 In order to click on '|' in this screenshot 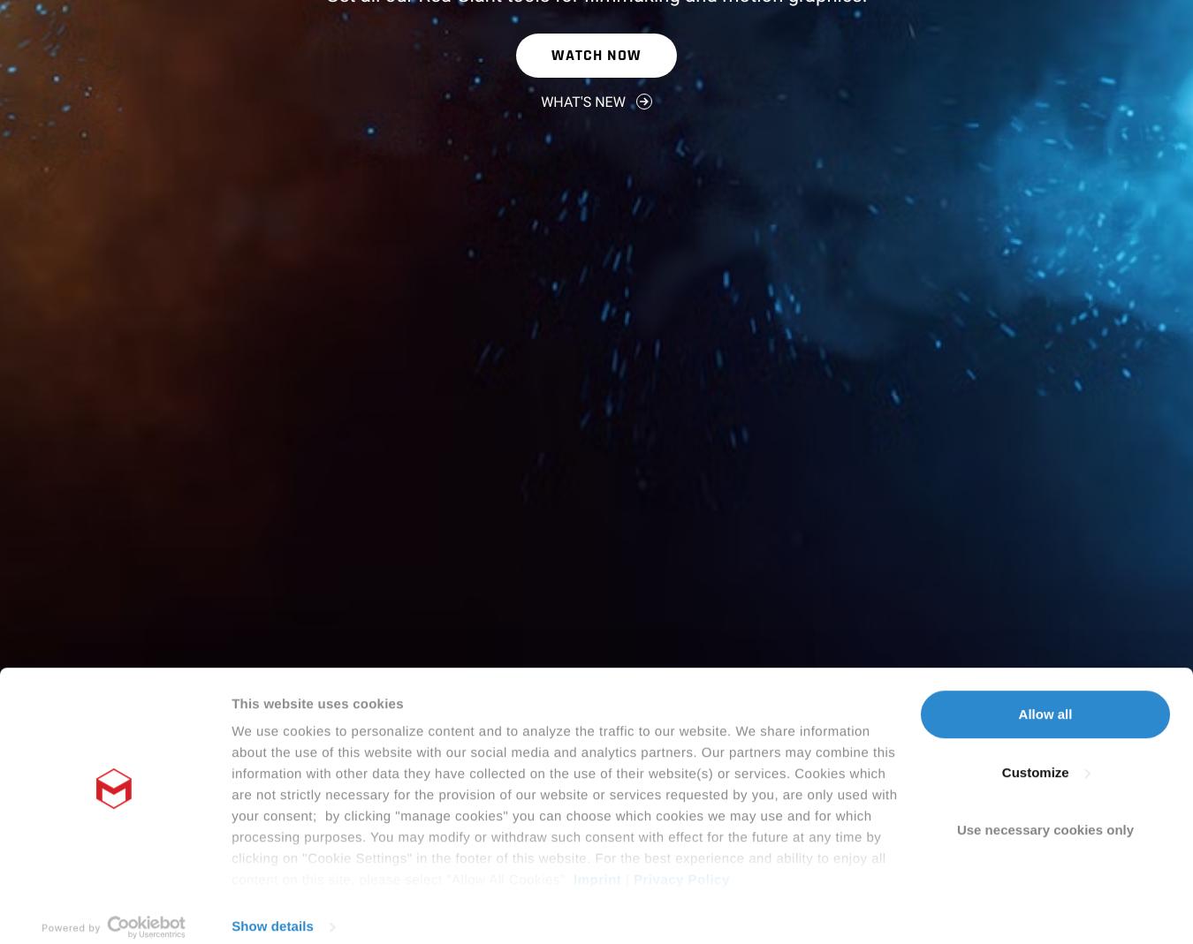, I will do `click(626, 740)`.